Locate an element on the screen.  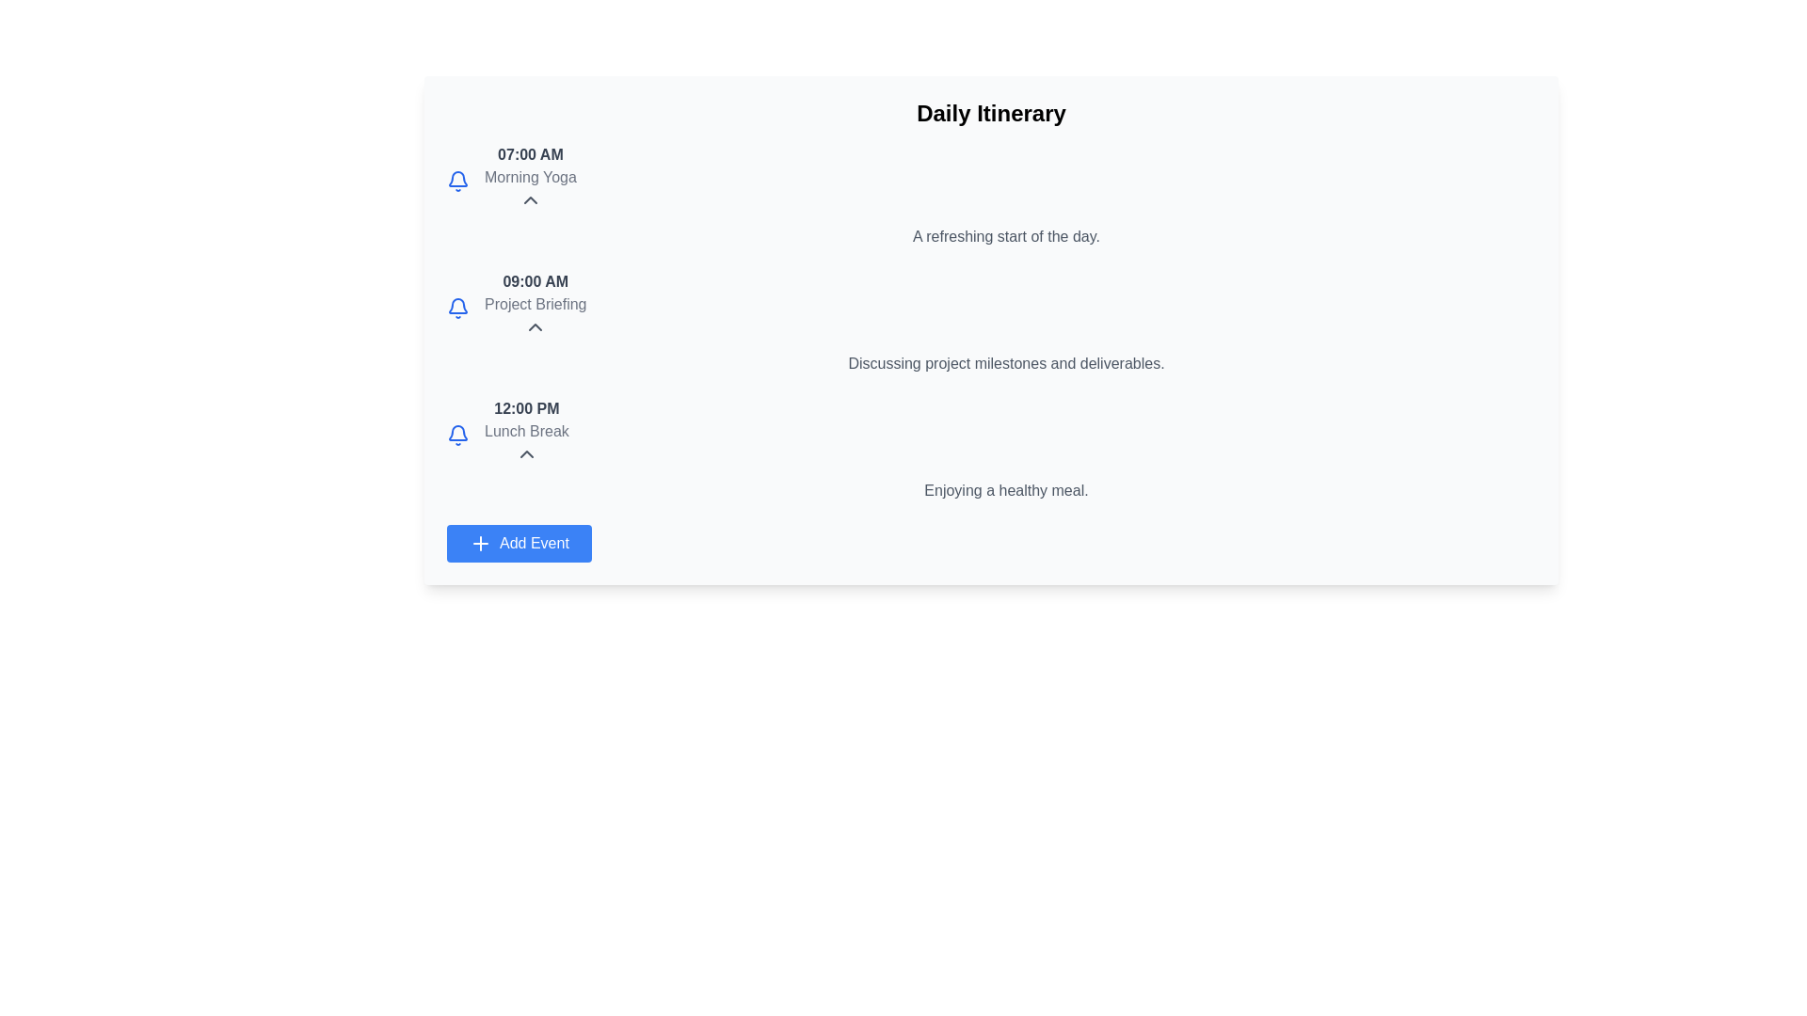
the text label displaying '09:00 AM' which is bold and dark gray, located beside the bell icon and above 'Project Briefing' is located at coordinates (535, 282).